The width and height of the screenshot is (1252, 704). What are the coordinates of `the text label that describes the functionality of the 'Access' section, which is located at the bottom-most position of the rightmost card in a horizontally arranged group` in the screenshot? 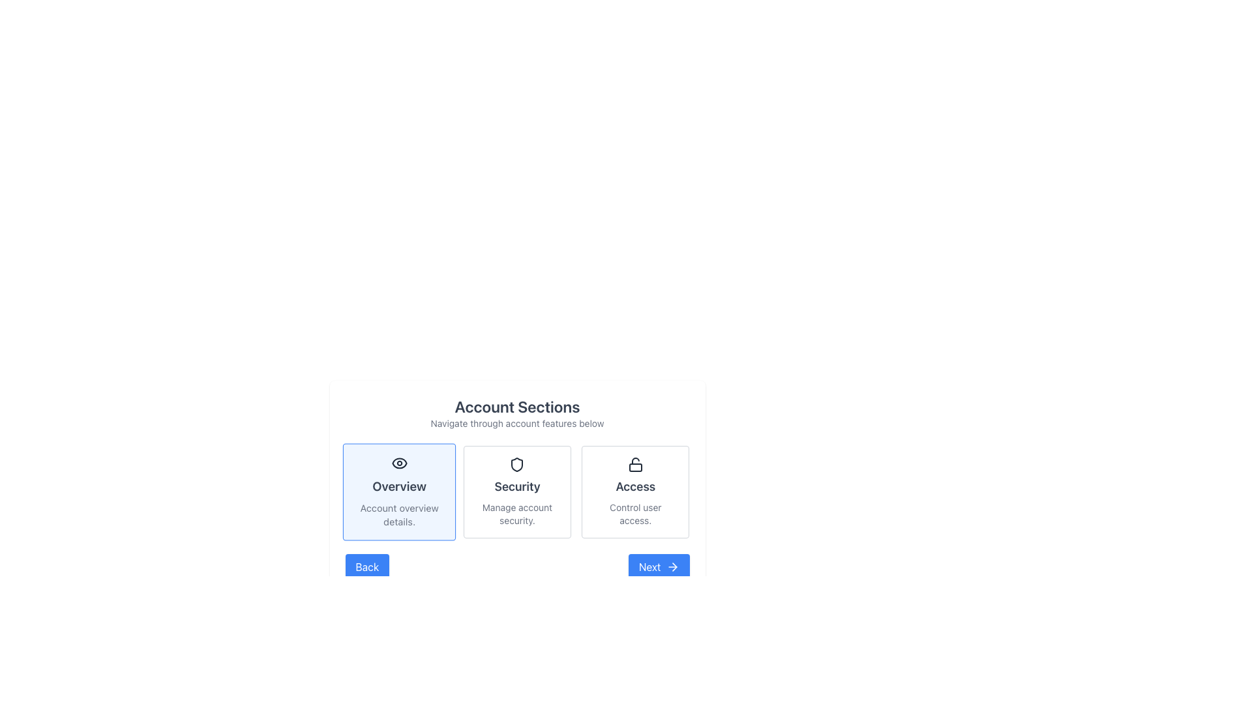 It's located at (635, 514).